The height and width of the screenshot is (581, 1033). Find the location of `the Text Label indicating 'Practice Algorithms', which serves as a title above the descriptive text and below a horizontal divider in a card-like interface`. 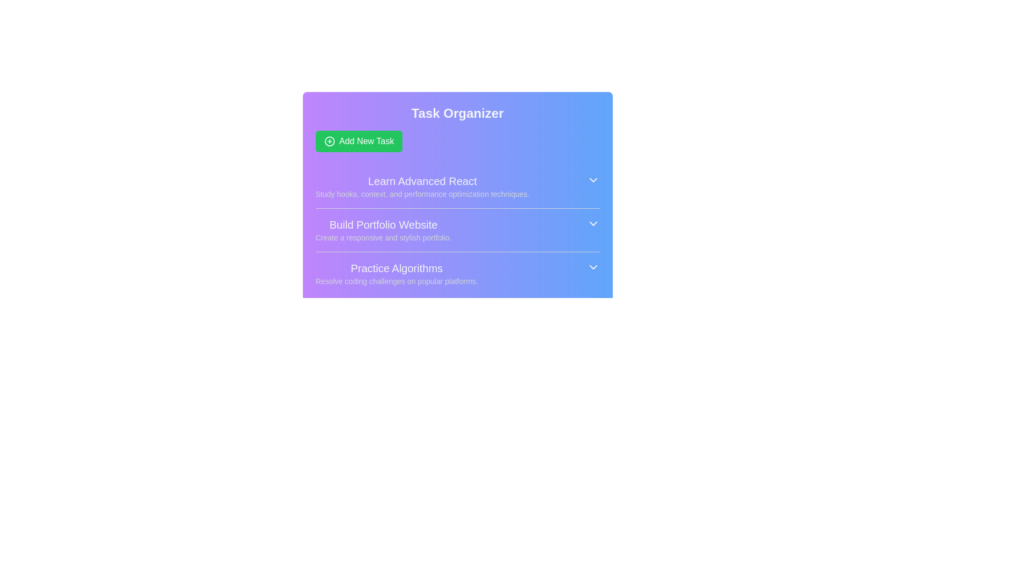

the Text Label indicating 'Practice Algorithms', which serves as a title above the descriptive text and below a horizontal divider in a card-like interface is located at coordinates (396, 267).